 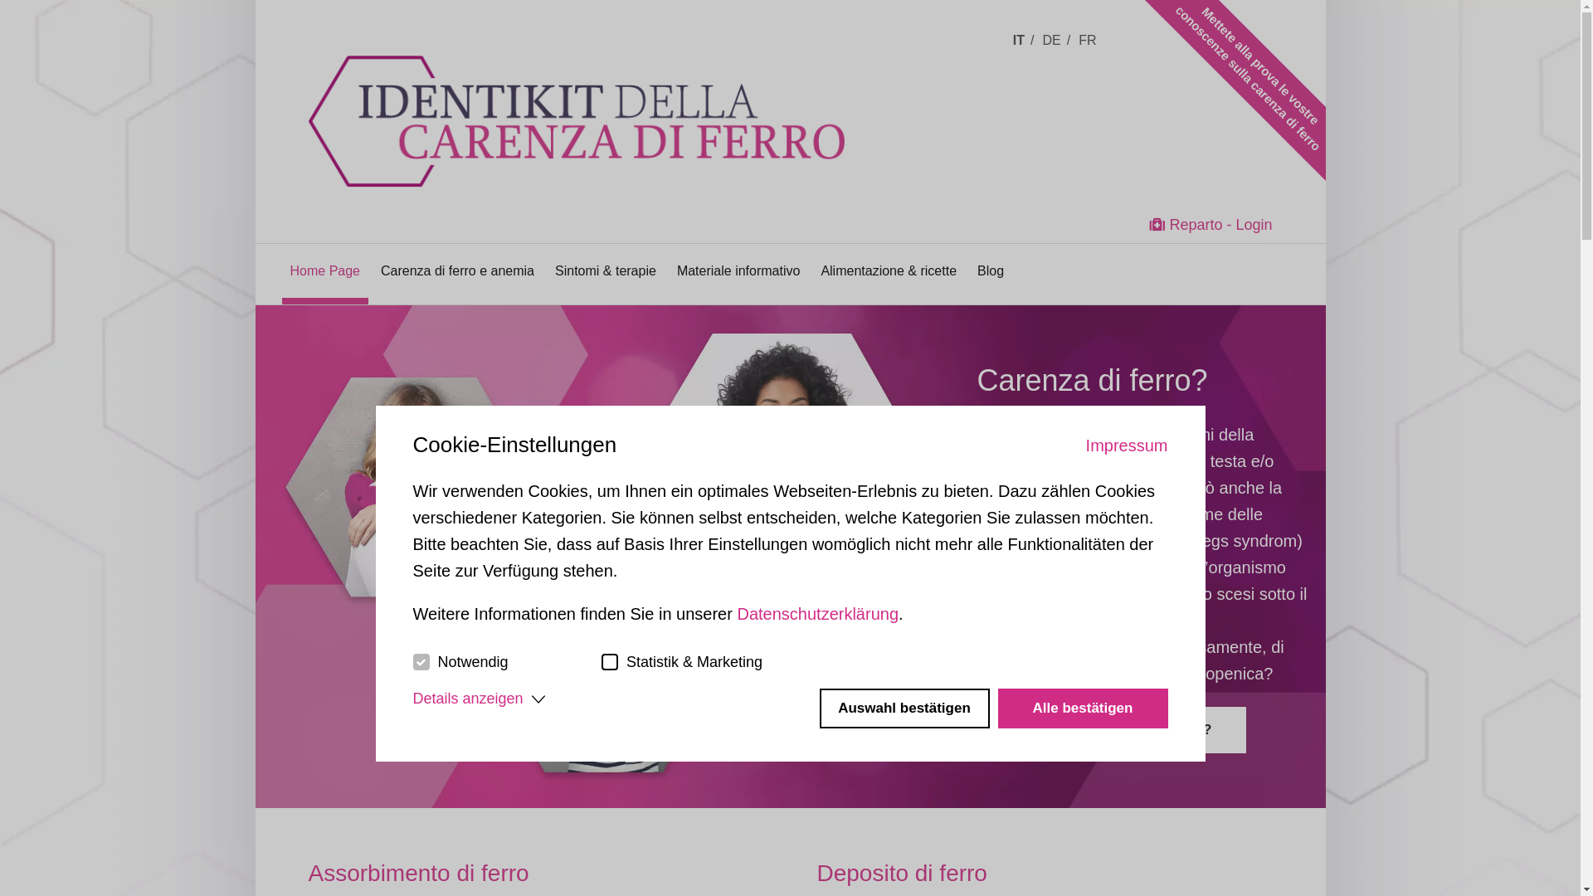 I want to click on 'DE', so click(x=1055, y=39).